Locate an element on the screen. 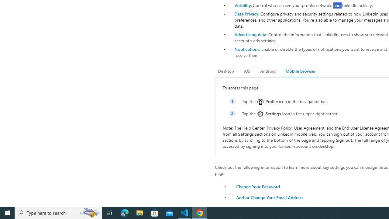 This screenshot has height=219, width=389. 'Add or Change Your Email Address' is located at coordinates (269, 197).